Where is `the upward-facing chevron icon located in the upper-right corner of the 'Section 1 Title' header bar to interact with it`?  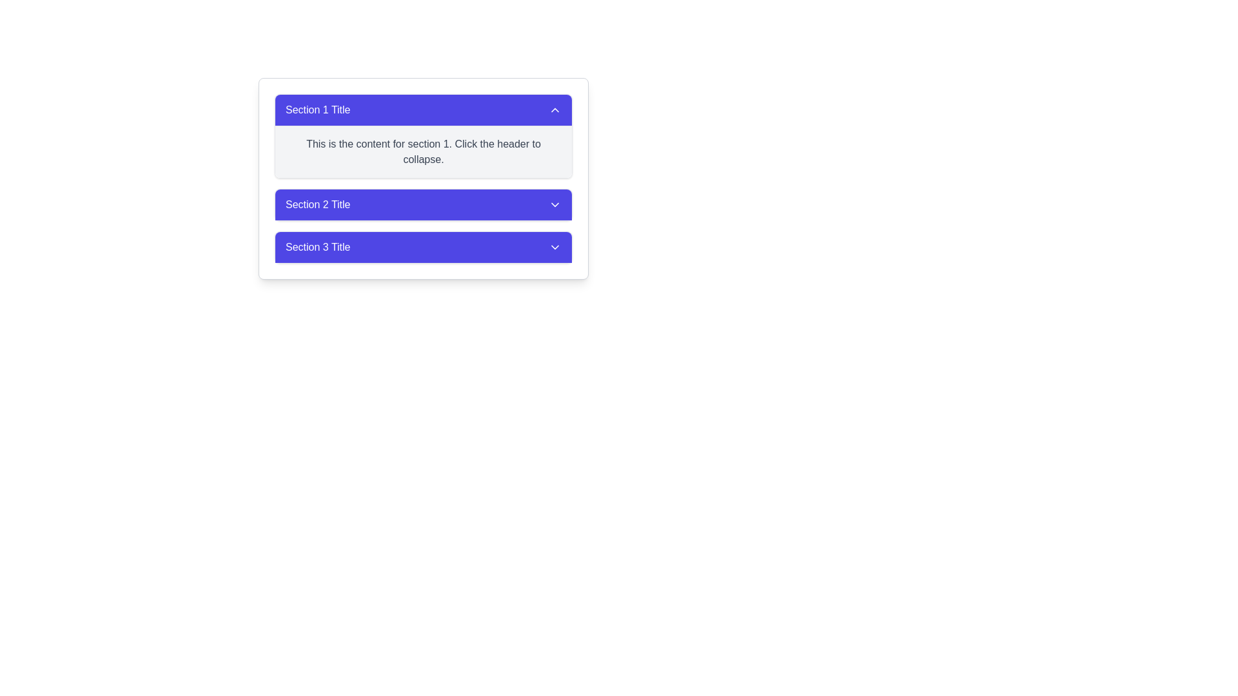
the upward-facing chevron icon located in the upper-right corner of the 'Section 1 Title' header bar to interact with it is located at coordinates (555, 109).